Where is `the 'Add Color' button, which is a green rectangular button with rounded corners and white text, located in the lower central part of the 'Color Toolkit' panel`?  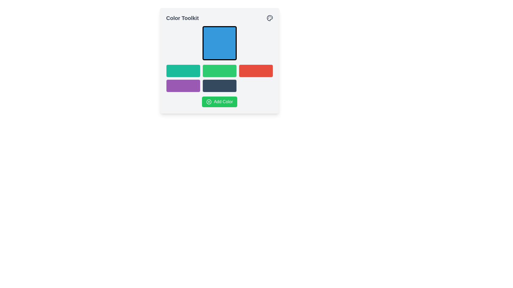 the 'Add Color' button, which is a green rectangular button with rounded corners and white text, located in the lower central part of the 'Color Toolkit' panel is located at coordinates (219, 102).